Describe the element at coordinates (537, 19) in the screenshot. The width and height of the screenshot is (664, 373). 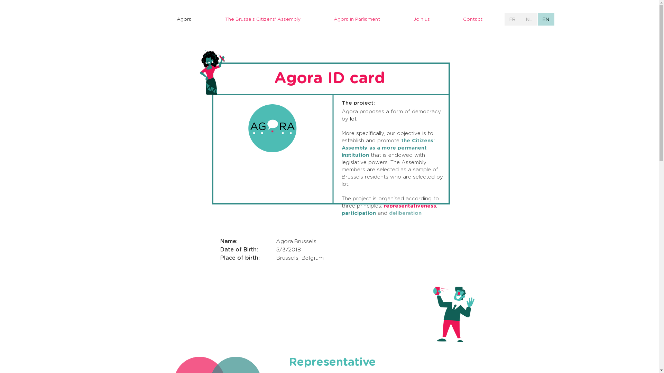
I see `'EN'` at that location.